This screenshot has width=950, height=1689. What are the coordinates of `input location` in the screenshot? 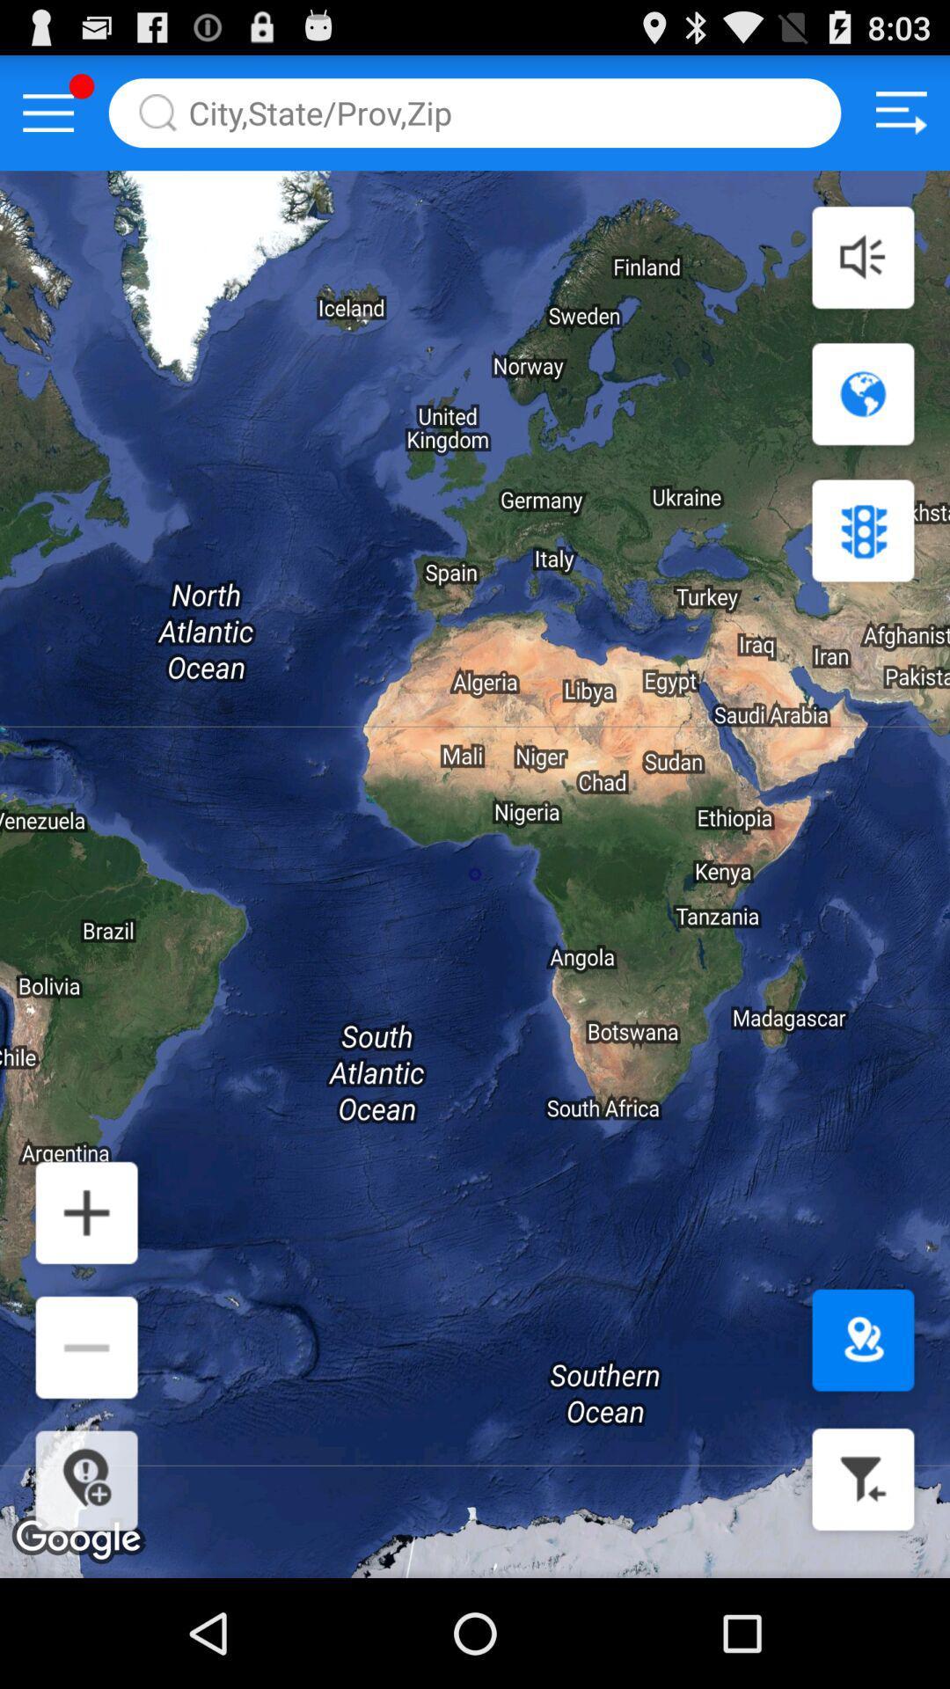 It's located at (475, 112).